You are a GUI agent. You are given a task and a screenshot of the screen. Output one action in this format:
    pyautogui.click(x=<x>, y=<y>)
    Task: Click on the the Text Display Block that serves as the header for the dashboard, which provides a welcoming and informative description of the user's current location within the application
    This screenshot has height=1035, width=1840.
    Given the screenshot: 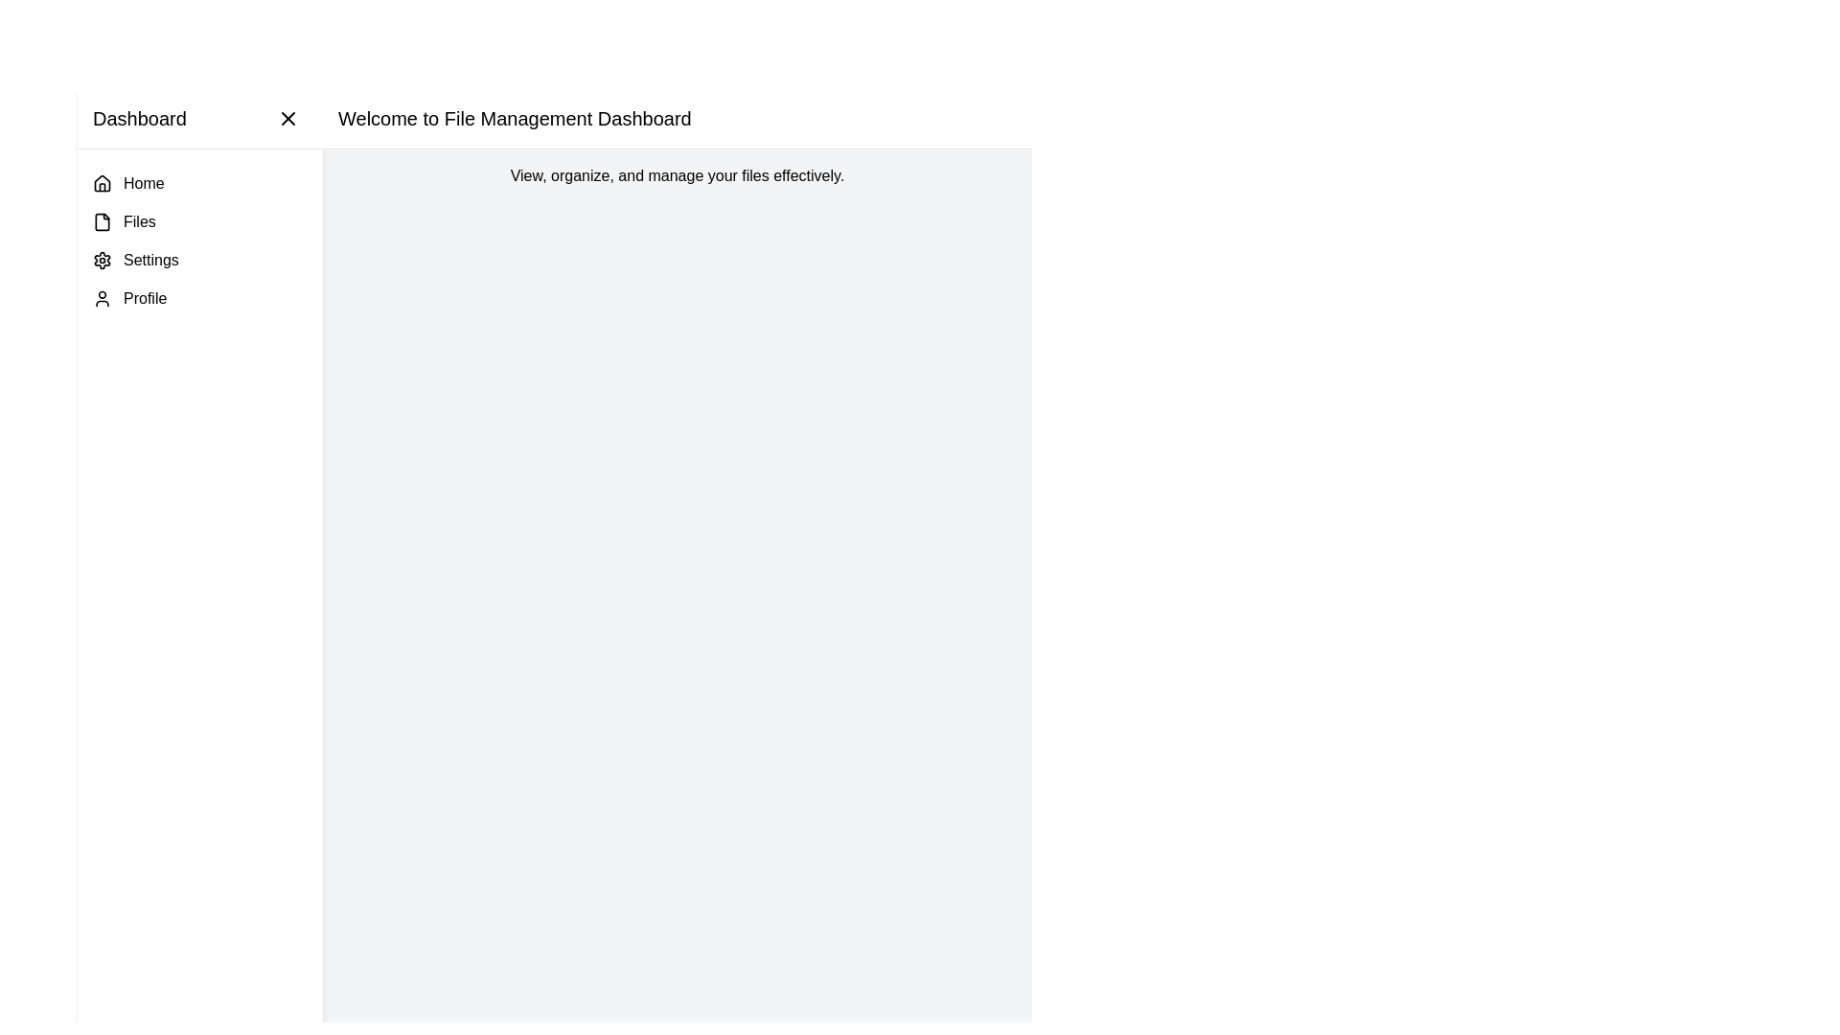 What is the action you would take?
    pyautogui.click(x=677, y=118)
    